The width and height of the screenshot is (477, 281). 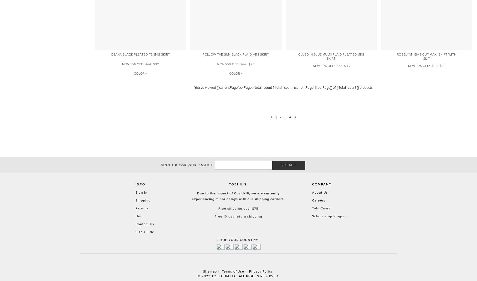 I want to click on 'Returns', so click(x=141, y=207).